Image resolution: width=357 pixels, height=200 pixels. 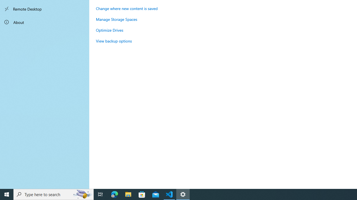 What do you see at coordinates (128, 194) in the screenshot?
I see `'File Explorer'` at bounding box center [128, 194].